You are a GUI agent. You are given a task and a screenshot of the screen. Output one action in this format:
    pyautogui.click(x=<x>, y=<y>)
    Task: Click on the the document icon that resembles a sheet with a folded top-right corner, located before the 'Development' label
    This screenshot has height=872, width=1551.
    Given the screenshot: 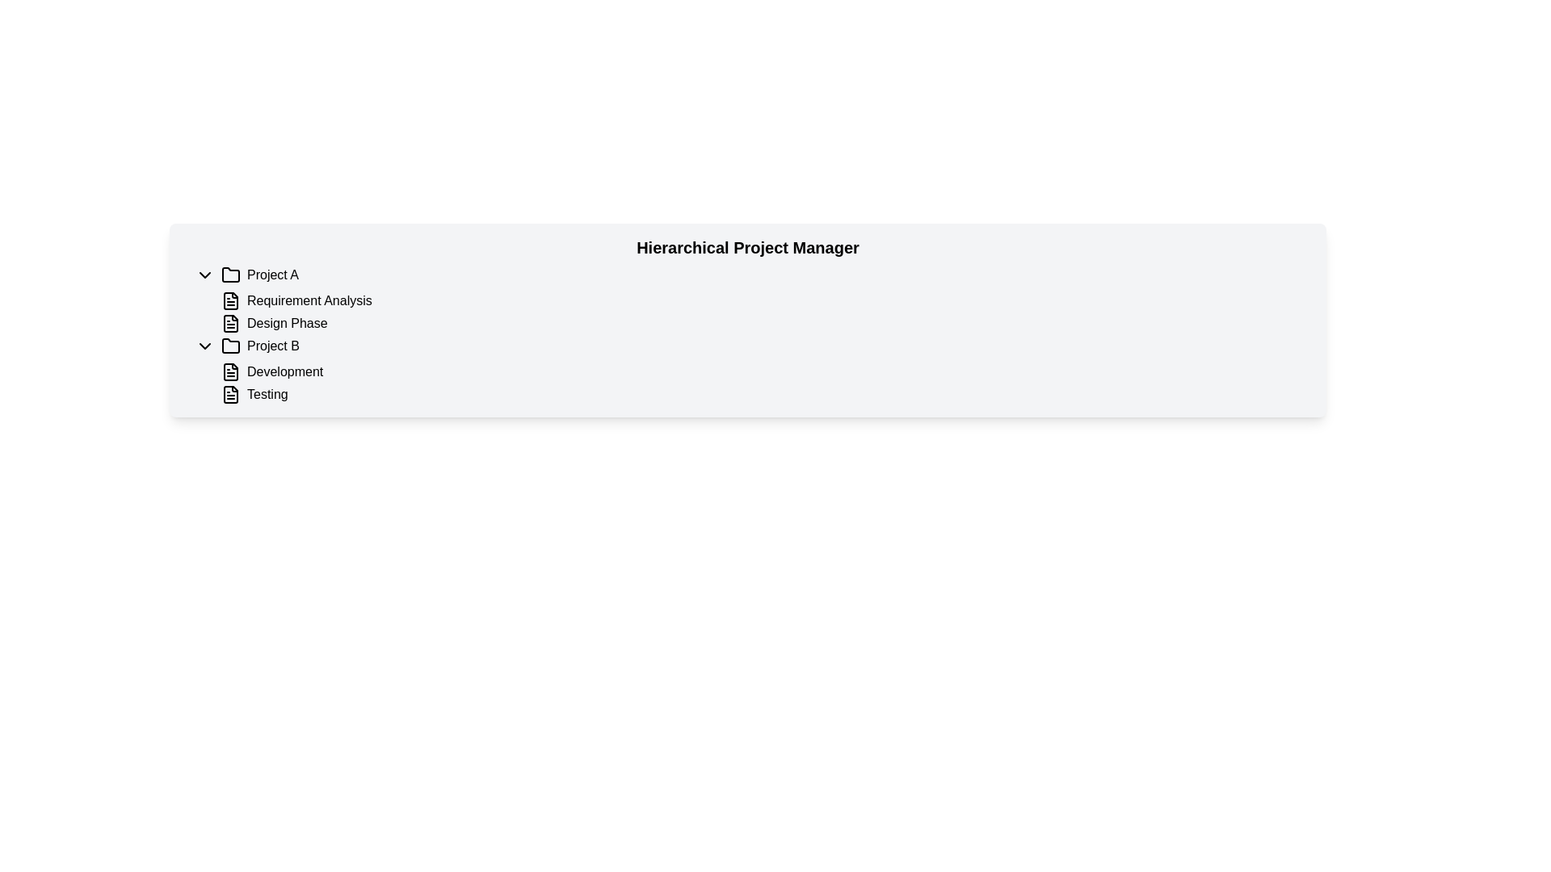 What is the action you would take?
    pyautogui.click(x=230, y=372)
    